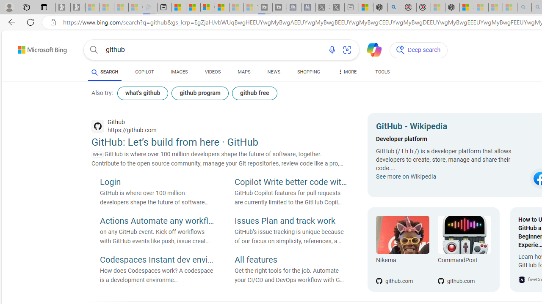 The height and width of the screenshot is (304, 542). I want to click on 'IMAGES', so click(179, 73).